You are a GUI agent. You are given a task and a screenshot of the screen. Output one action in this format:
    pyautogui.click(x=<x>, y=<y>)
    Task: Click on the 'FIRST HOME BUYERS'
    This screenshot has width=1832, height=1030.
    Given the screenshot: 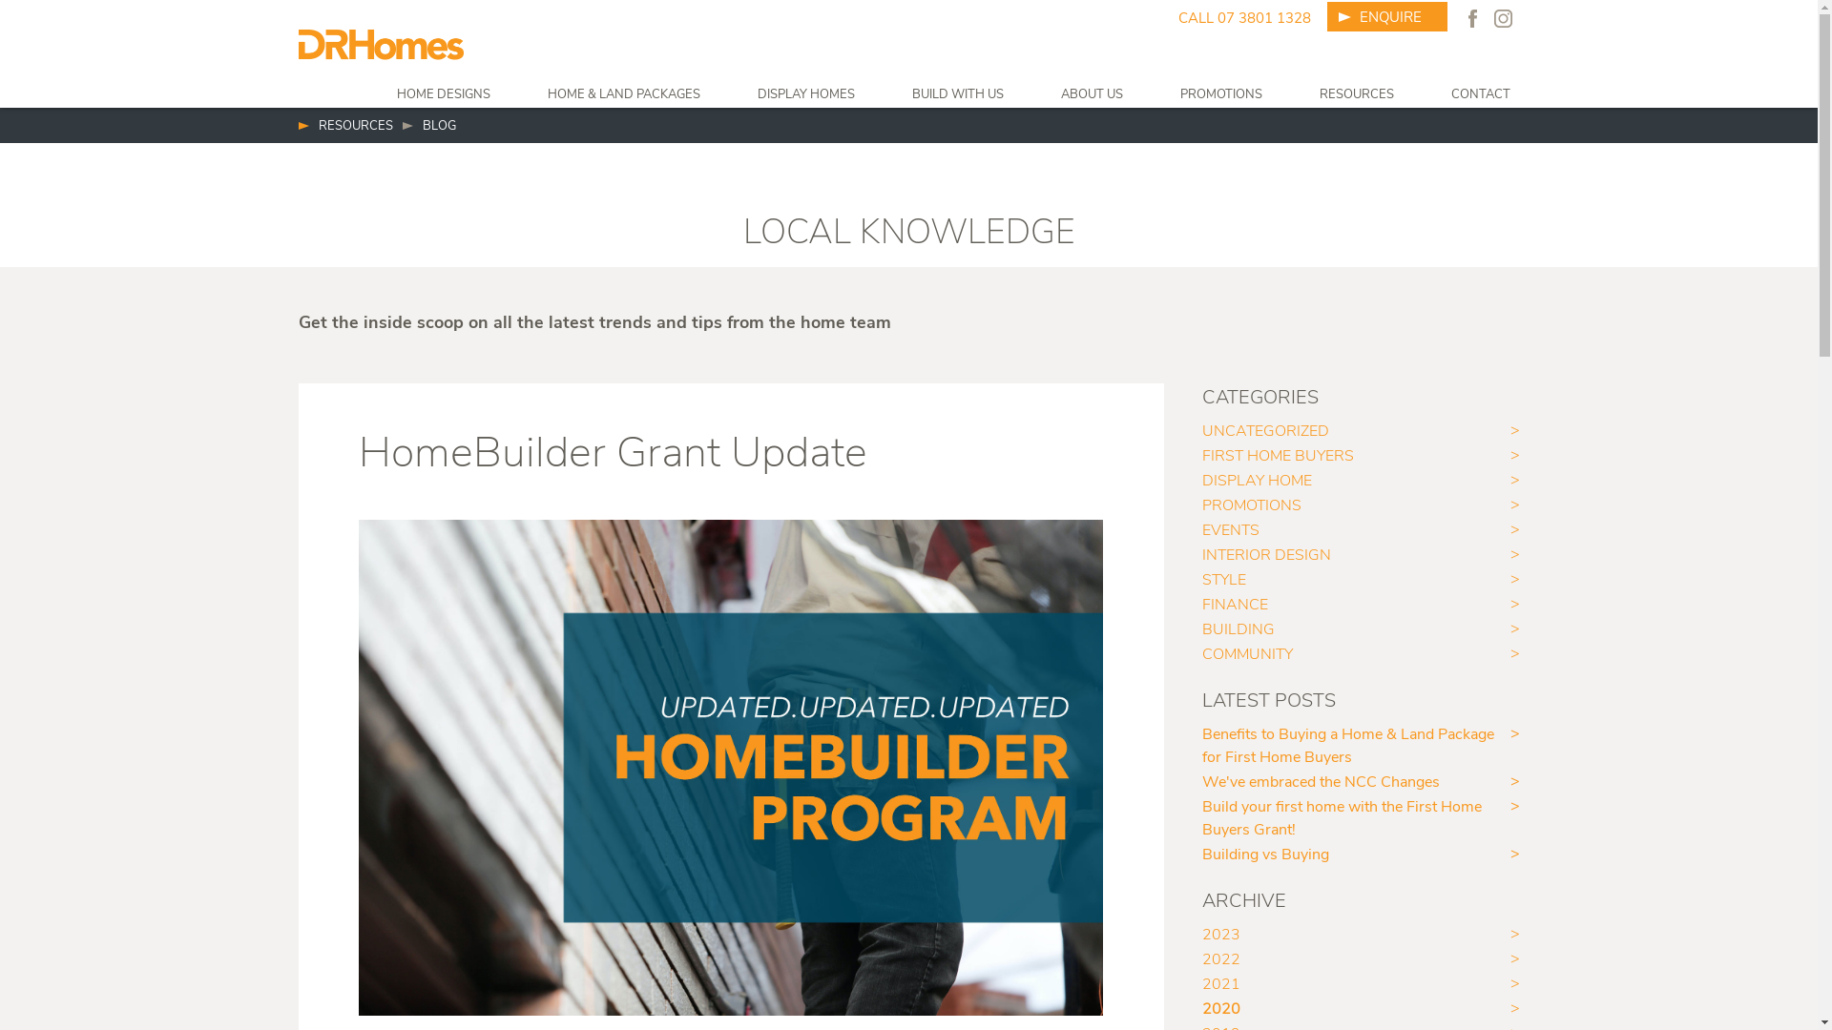 What is the action you would take?
    pyautogui.click(x=1359, y=456)
    